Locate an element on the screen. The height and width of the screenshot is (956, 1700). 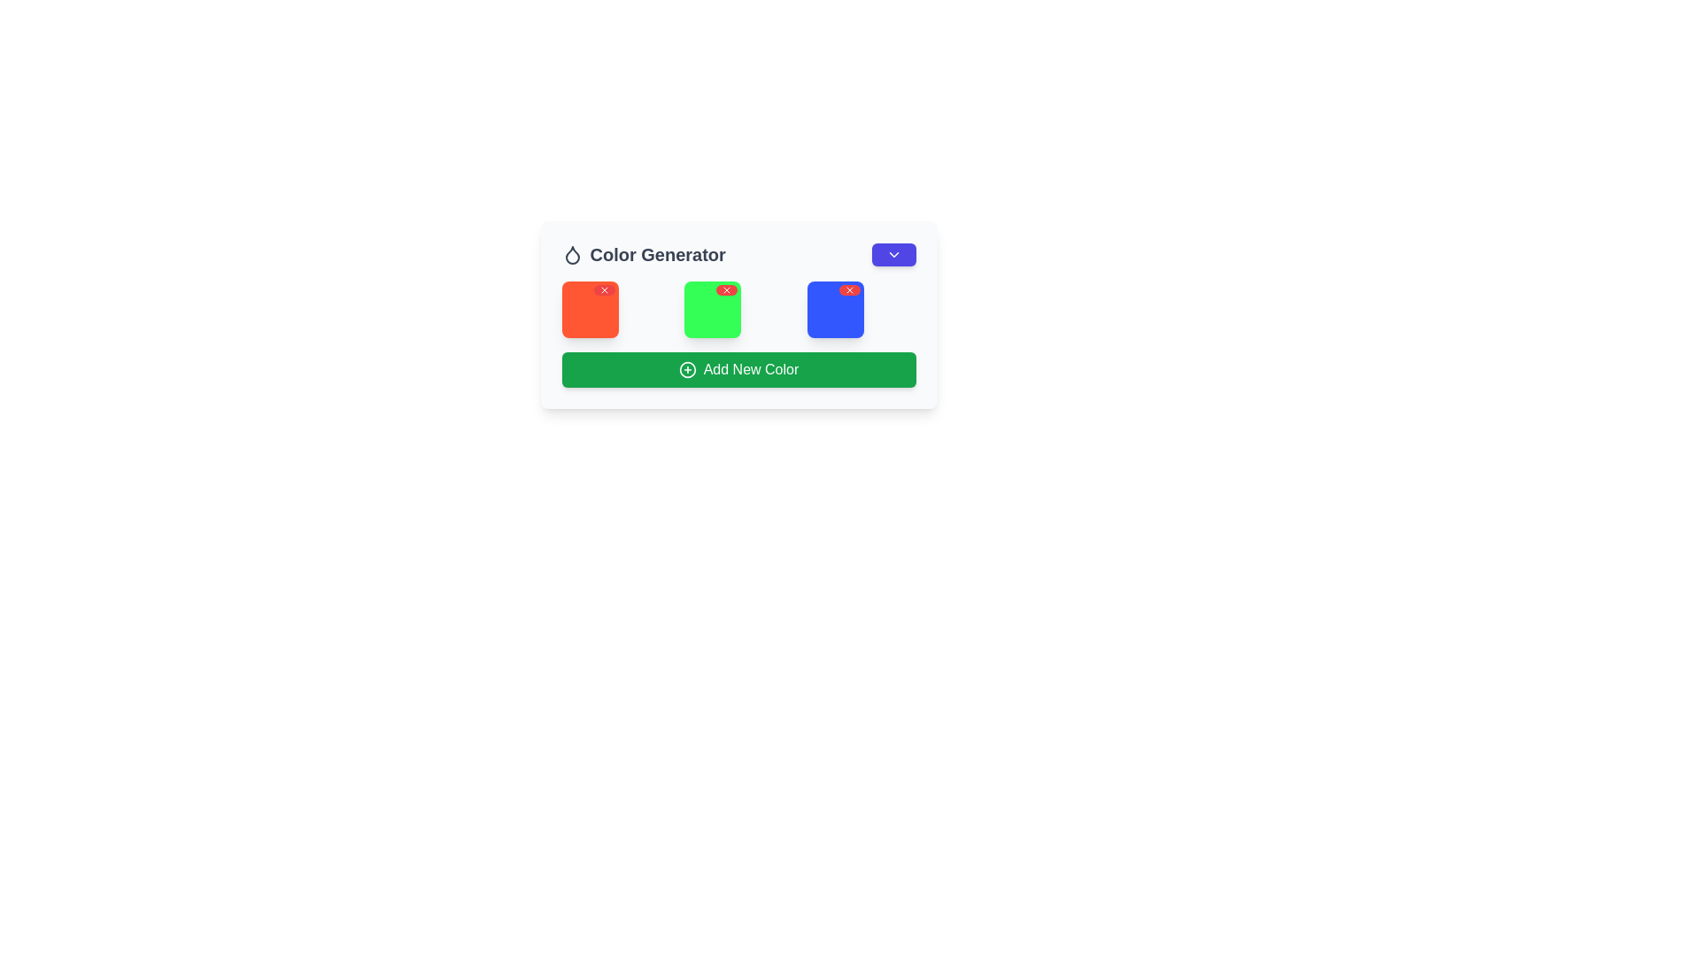
the second green square in the row of colored squares under the 'Color Generator' title is located at coordinates (738, 313).